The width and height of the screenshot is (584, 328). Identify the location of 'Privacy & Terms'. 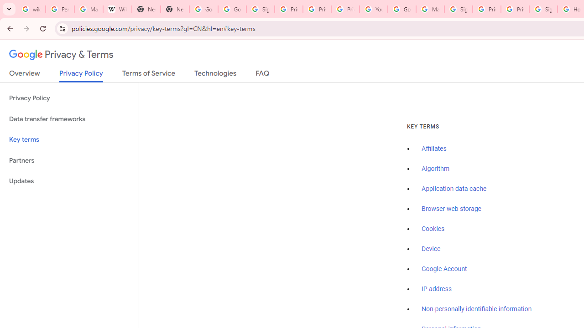
(61, 55).